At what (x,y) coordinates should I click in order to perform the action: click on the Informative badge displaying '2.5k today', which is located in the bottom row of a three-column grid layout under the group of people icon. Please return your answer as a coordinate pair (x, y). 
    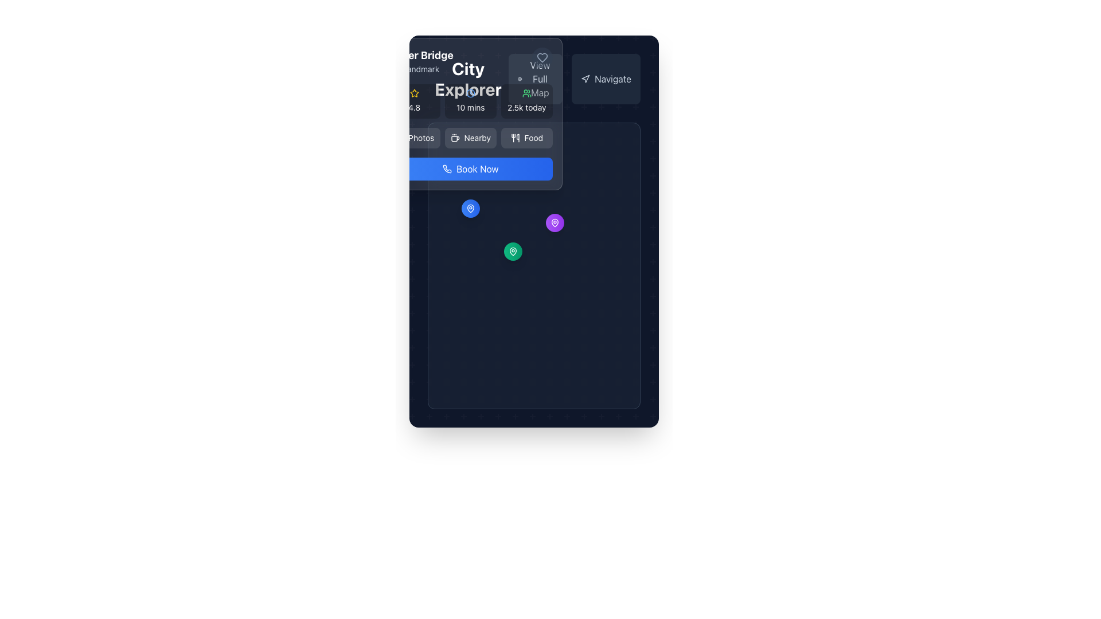
    Looking at the image, I should click on (526, 101).